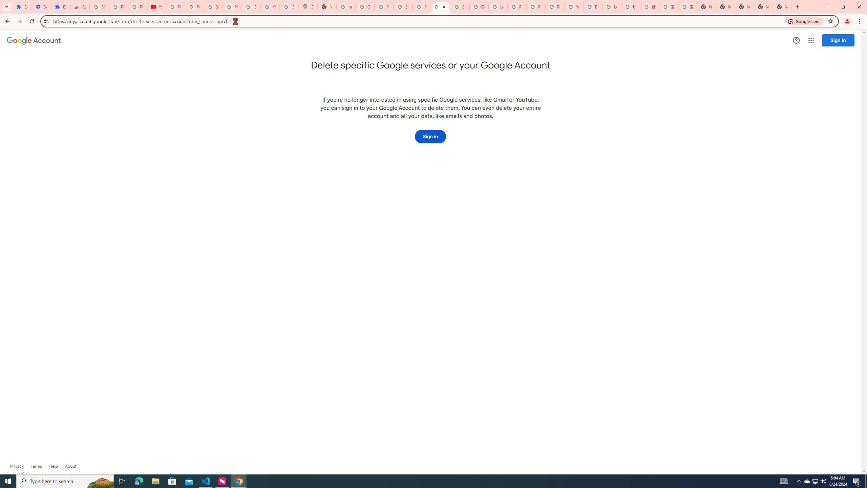  Describe the element at coordinates (80, 6) in the screenshot. I see `'Reviews: Helix Fruit Jump Arcade Game'` at that location.